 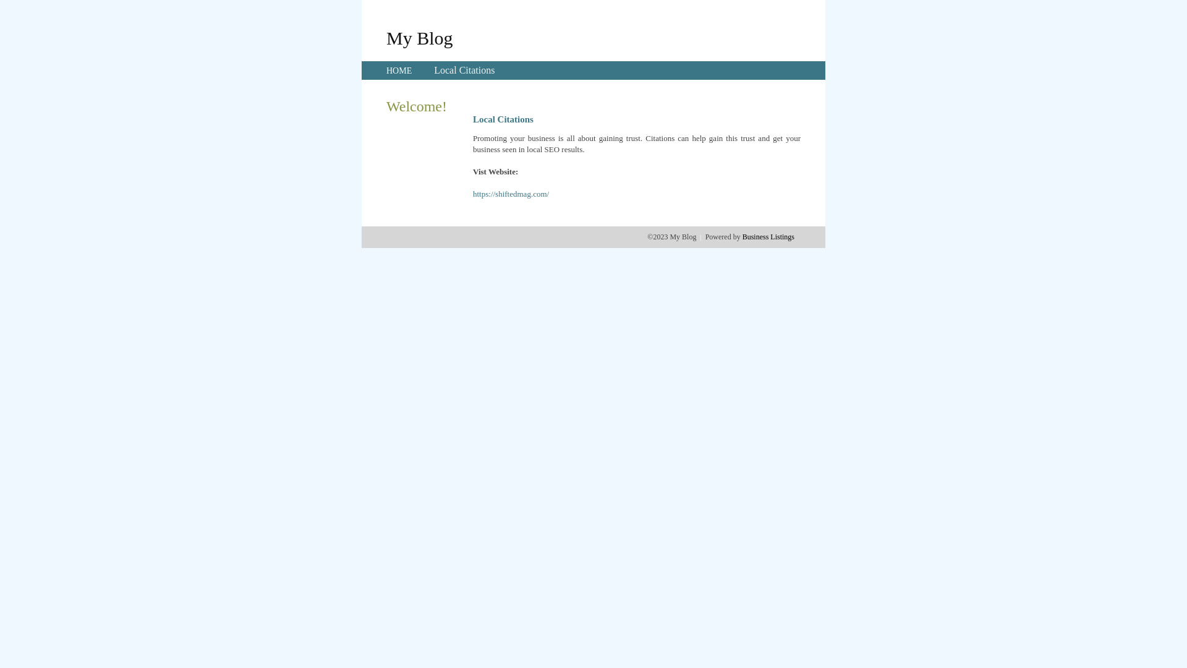 What do you see at coordinates (463, 70) in the screenshot?
I see `'Local Citations'` at bounding box center [463, 70].